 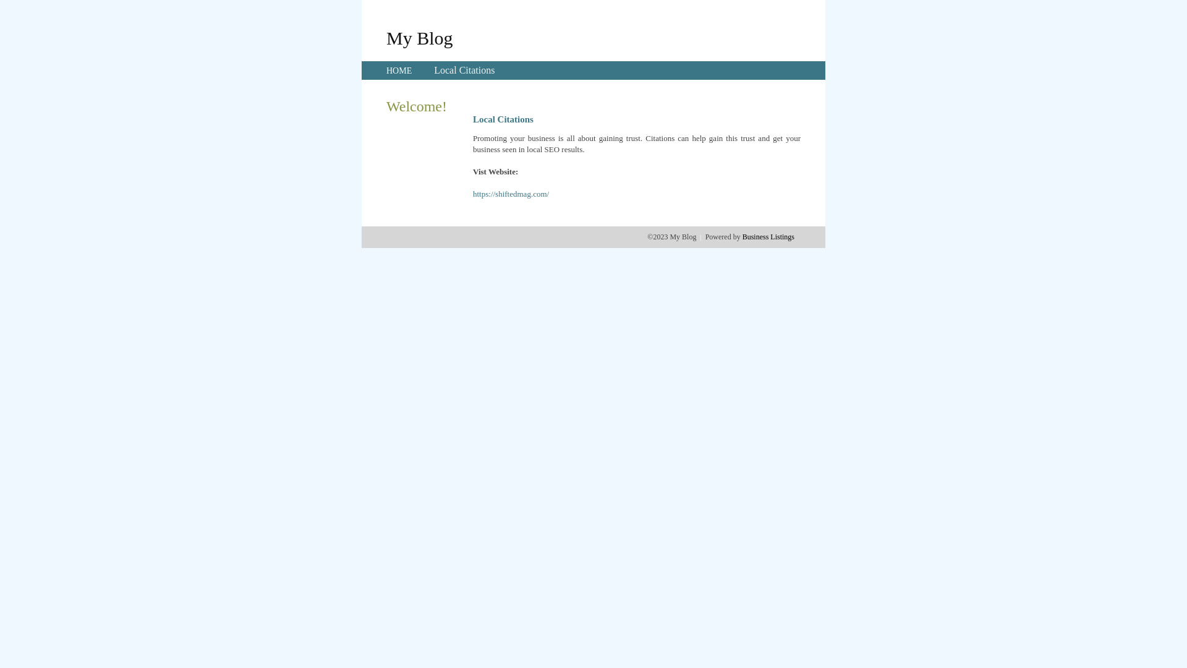 What do you see at coordinates (463, 70) in the screenshot?
I see `'Local Citations'` at bounding box center [463, 70].